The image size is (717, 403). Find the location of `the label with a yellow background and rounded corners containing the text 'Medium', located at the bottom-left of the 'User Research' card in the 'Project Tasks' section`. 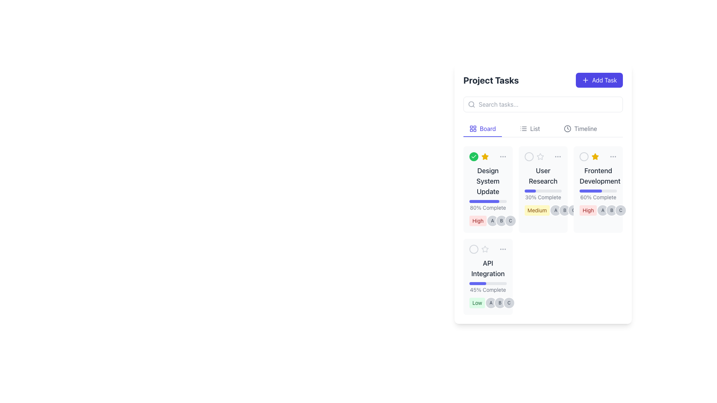

the label with a yellow background and rounded corners containing the text 'Medium', located at the bottom-left of the 'User Research' card in the 'Project Tasks' section is located at coordinates (543, 210).